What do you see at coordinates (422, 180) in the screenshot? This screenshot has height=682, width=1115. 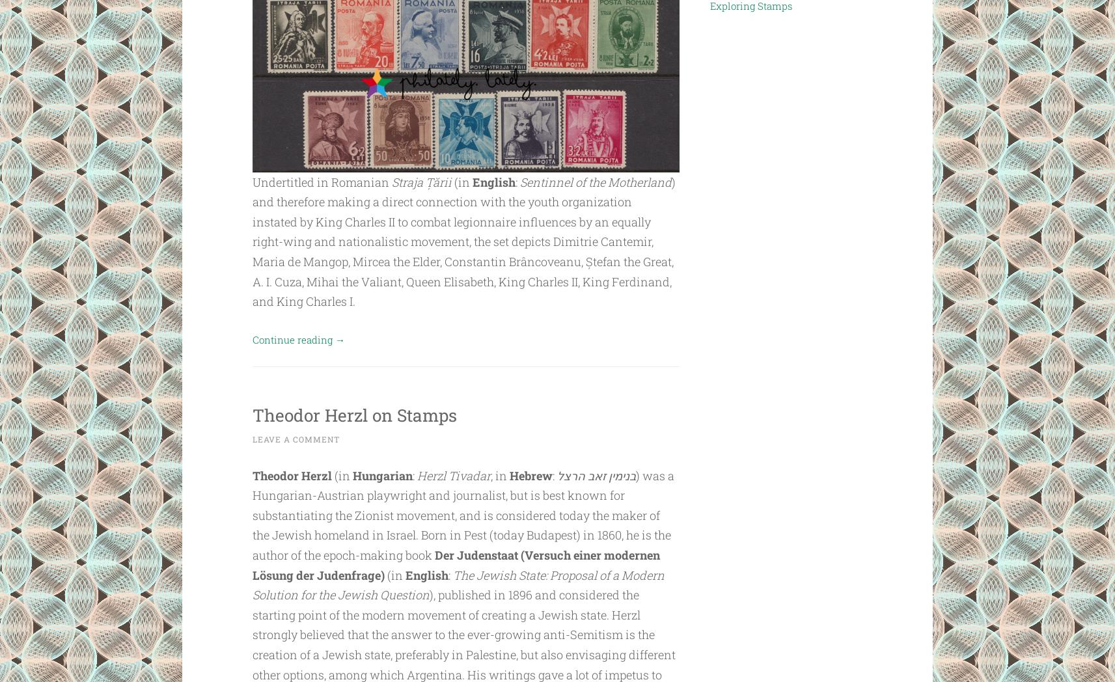 I see `'Straja Țării'` at bounding box center [422, 180].